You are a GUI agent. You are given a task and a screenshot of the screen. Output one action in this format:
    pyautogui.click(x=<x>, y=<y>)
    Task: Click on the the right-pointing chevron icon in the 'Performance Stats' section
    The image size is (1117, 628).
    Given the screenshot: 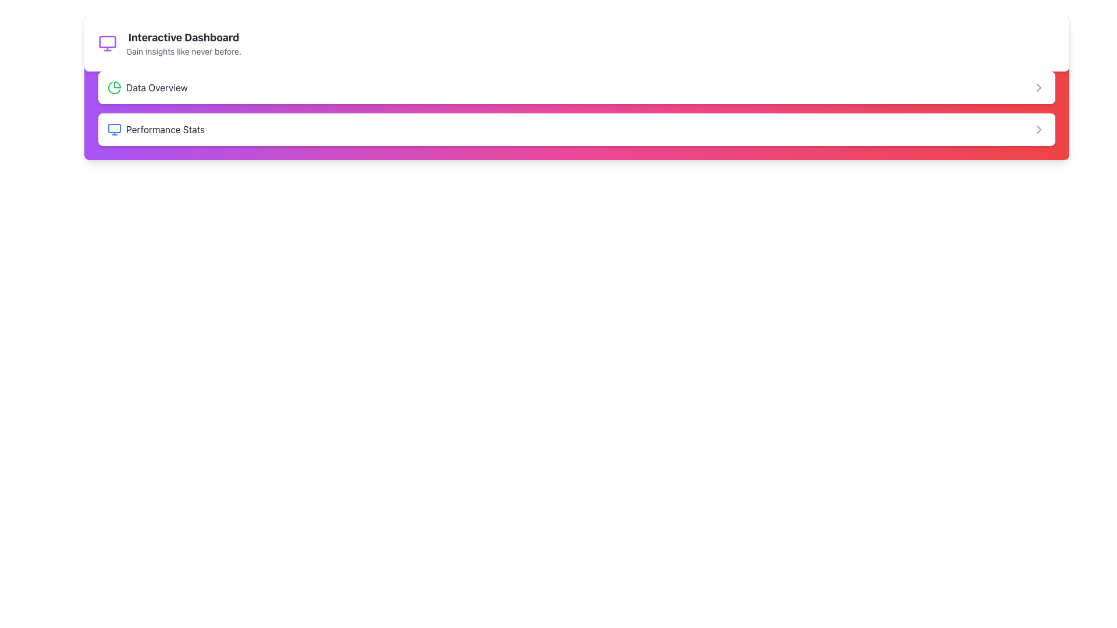 What is the action you would take?
    pyautogui.click(x=1038, y=130)
    